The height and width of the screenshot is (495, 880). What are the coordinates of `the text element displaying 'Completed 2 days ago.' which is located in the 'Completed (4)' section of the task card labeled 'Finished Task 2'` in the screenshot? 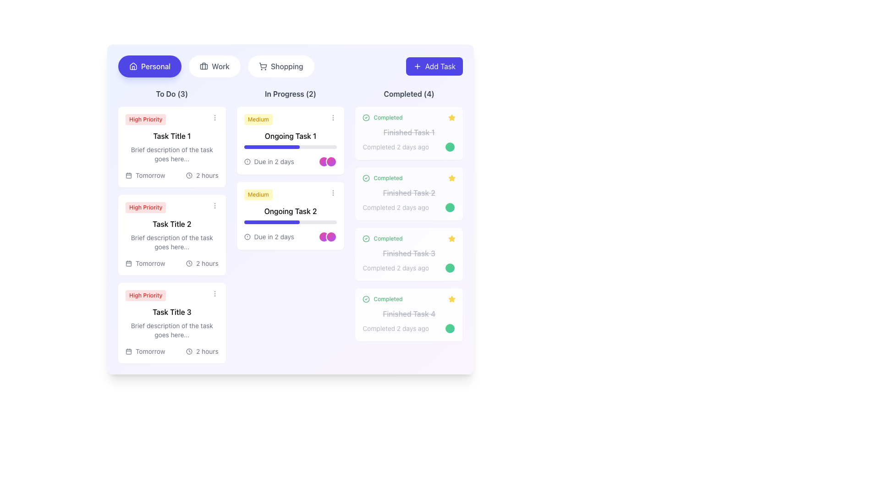 It's located at (408, 207).